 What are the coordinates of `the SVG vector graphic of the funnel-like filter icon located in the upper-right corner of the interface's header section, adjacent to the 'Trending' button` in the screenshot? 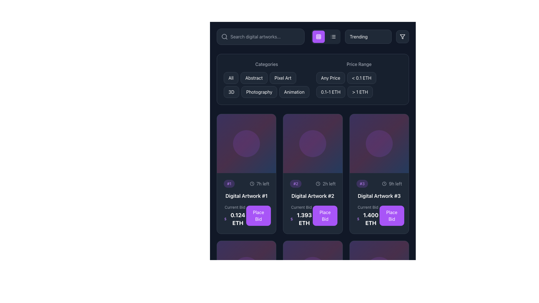 It's located at (402, 37).